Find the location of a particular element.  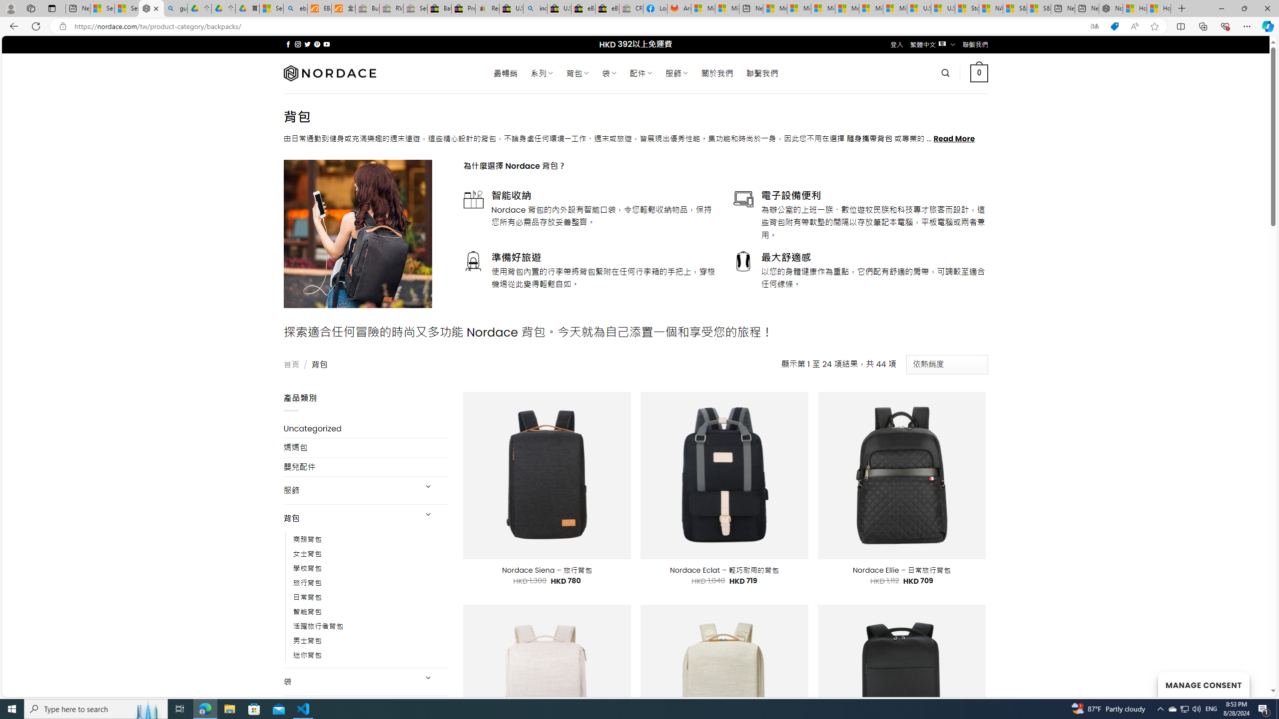

'MANAGE CONSENT' is located at coordinates (1203, 684).